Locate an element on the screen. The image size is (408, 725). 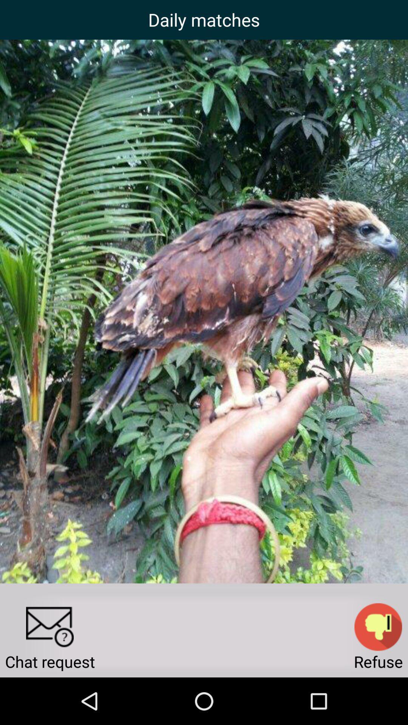
chat request option is located at coordinates (49, 627).